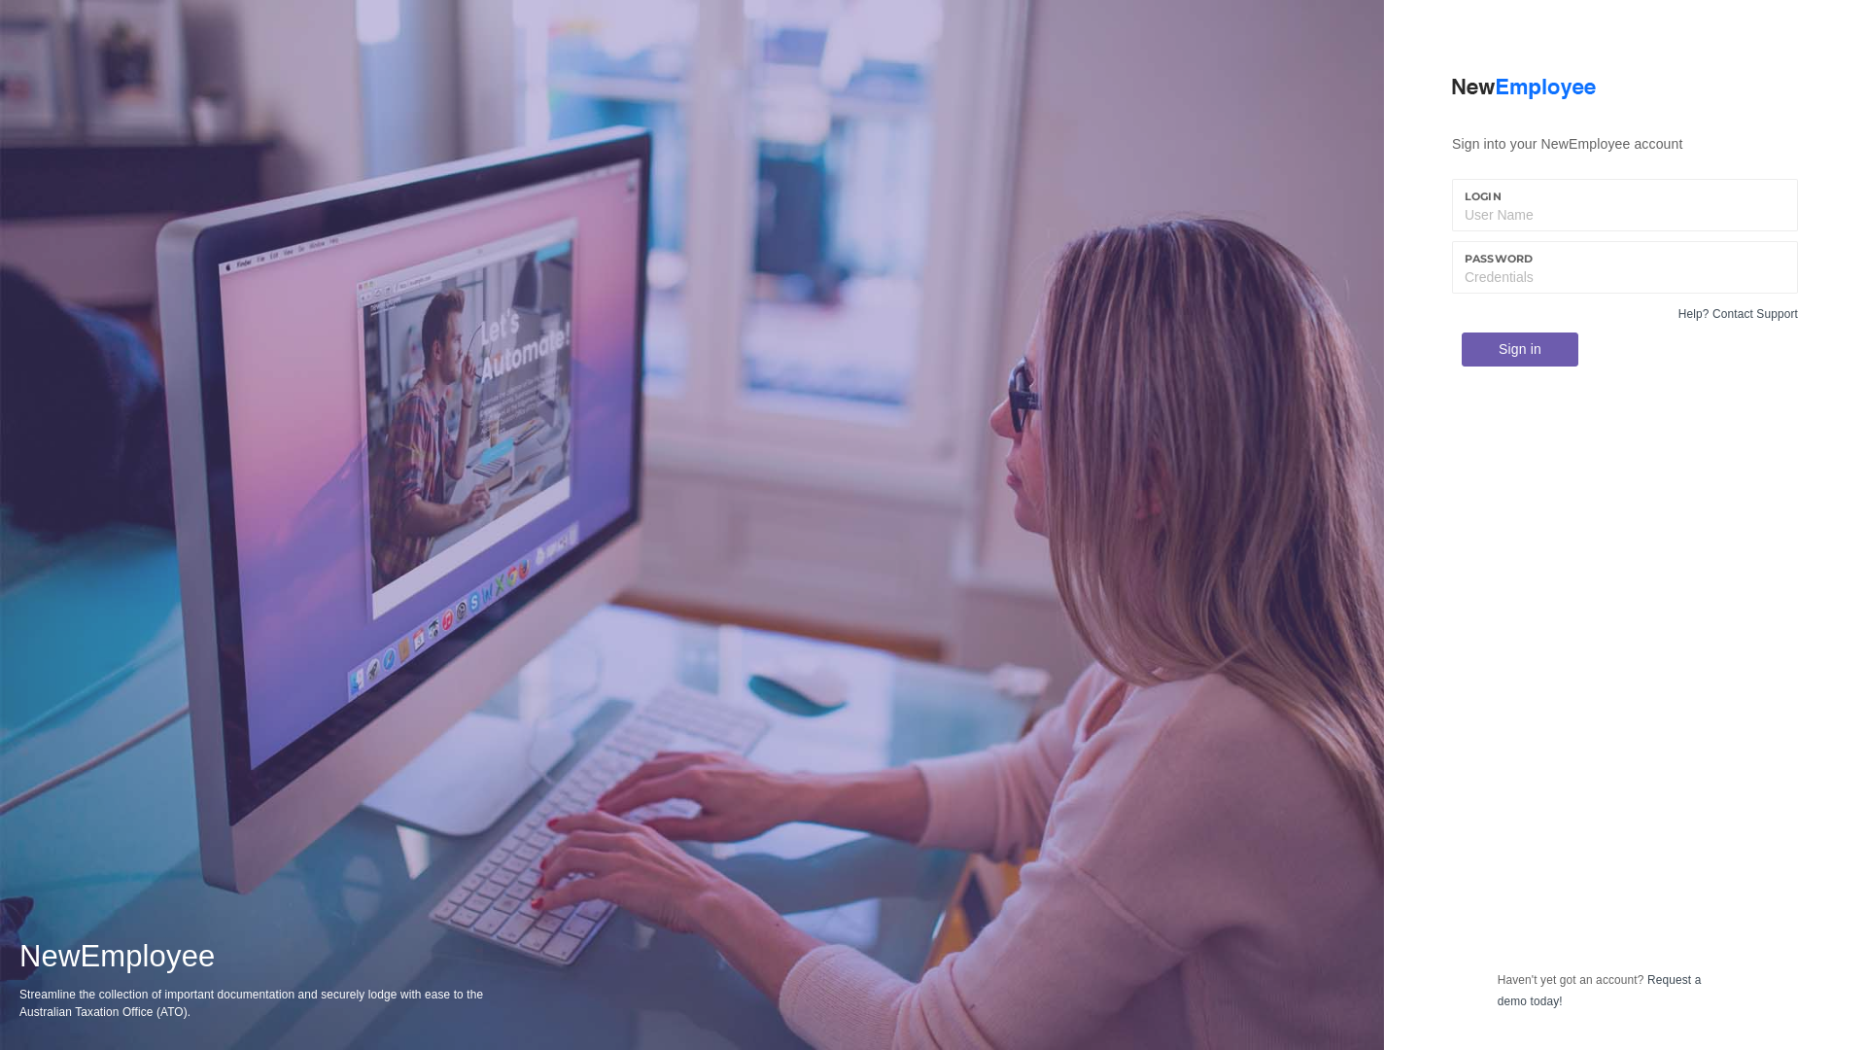 The height and width of the screenshot is (1050, 1866). What do you see at coordinates (1677, 313) in the screenshot?
I see `'Help? Contact Support'` at bounding box center [1677, 313].